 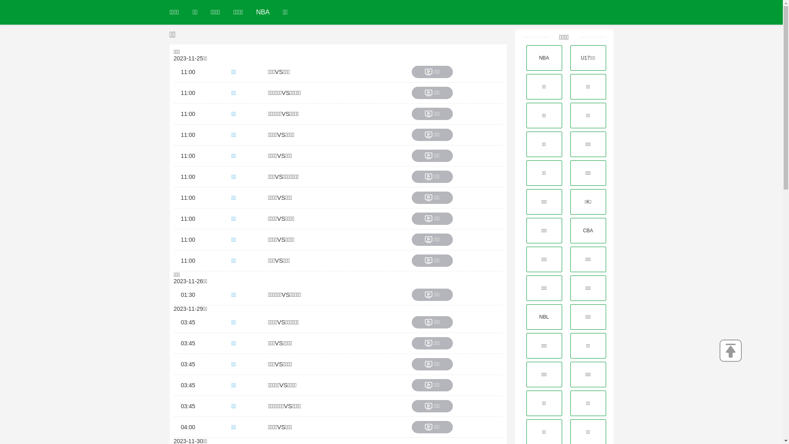 What do you see at coordinates (187, 260) in the screenshot?
I see `'11:00'` at bounding box center [187, 260].